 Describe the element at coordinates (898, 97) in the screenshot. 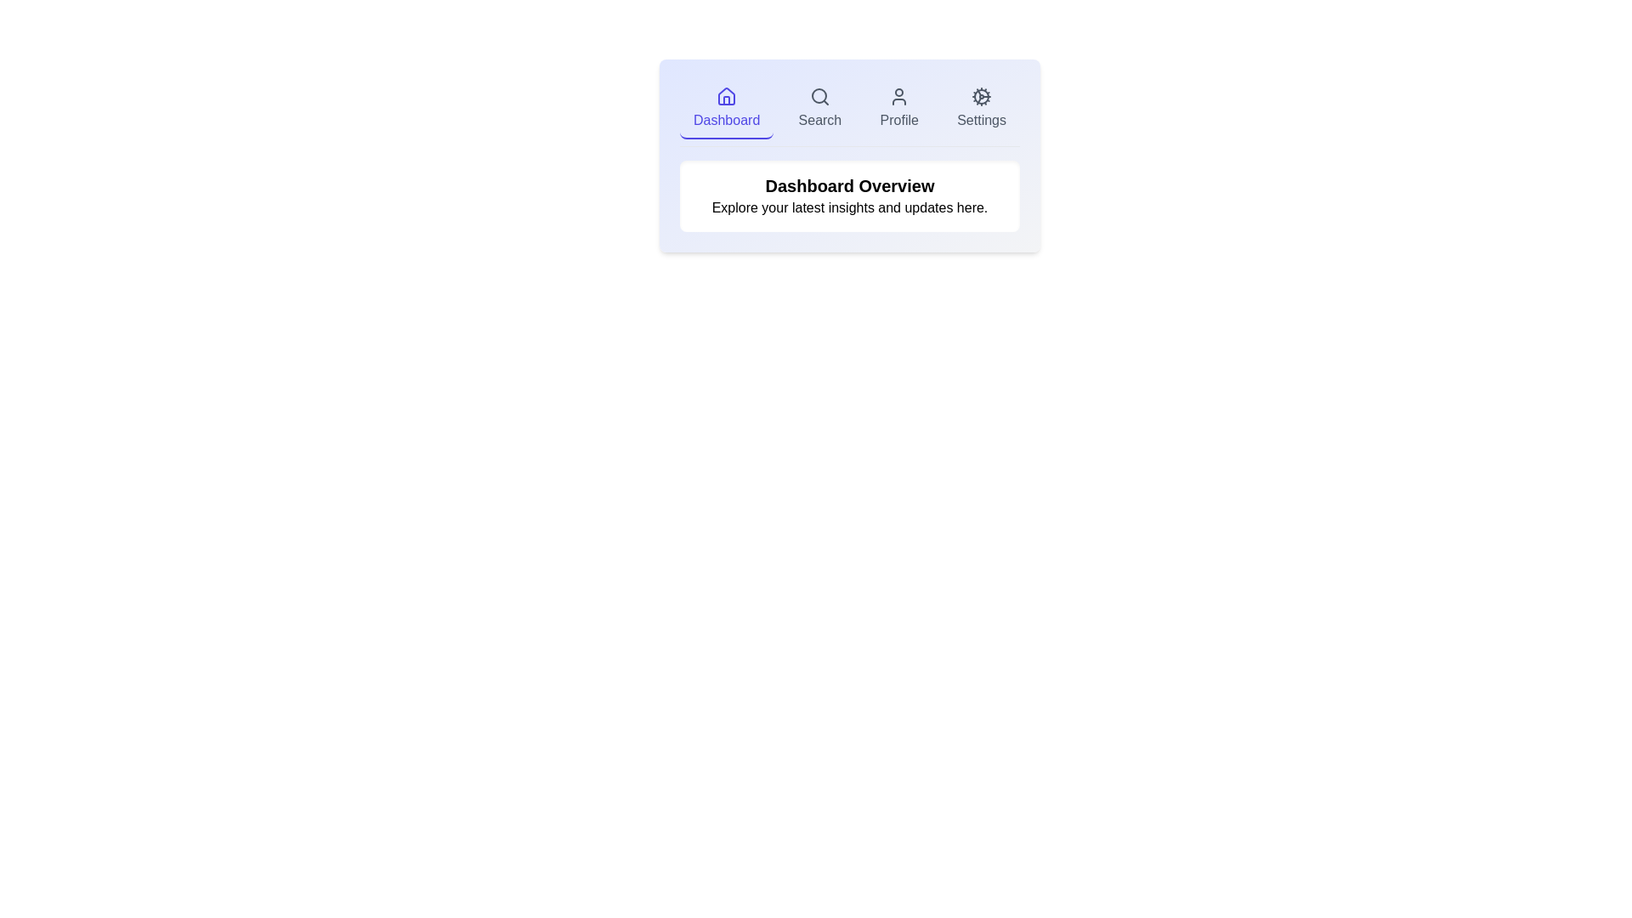

I see `the user profile indicator SVG icon located in the top section of the interface, above the 'Profile' label, for accessibility navigation` at that location.